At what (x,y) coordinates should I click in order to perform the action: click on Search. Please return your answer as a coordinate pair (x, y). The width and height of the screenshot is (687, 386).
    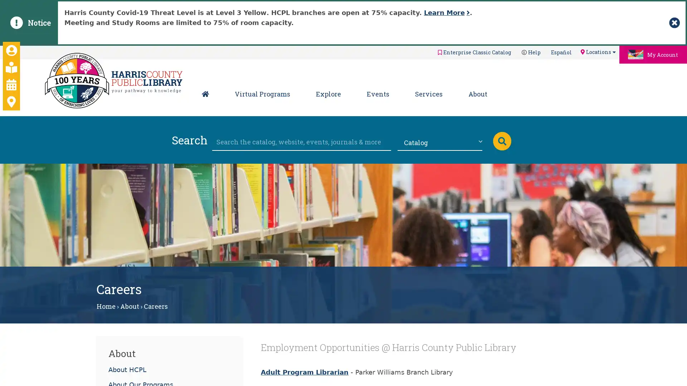
    Looking at the image, I should click on (501, 140).